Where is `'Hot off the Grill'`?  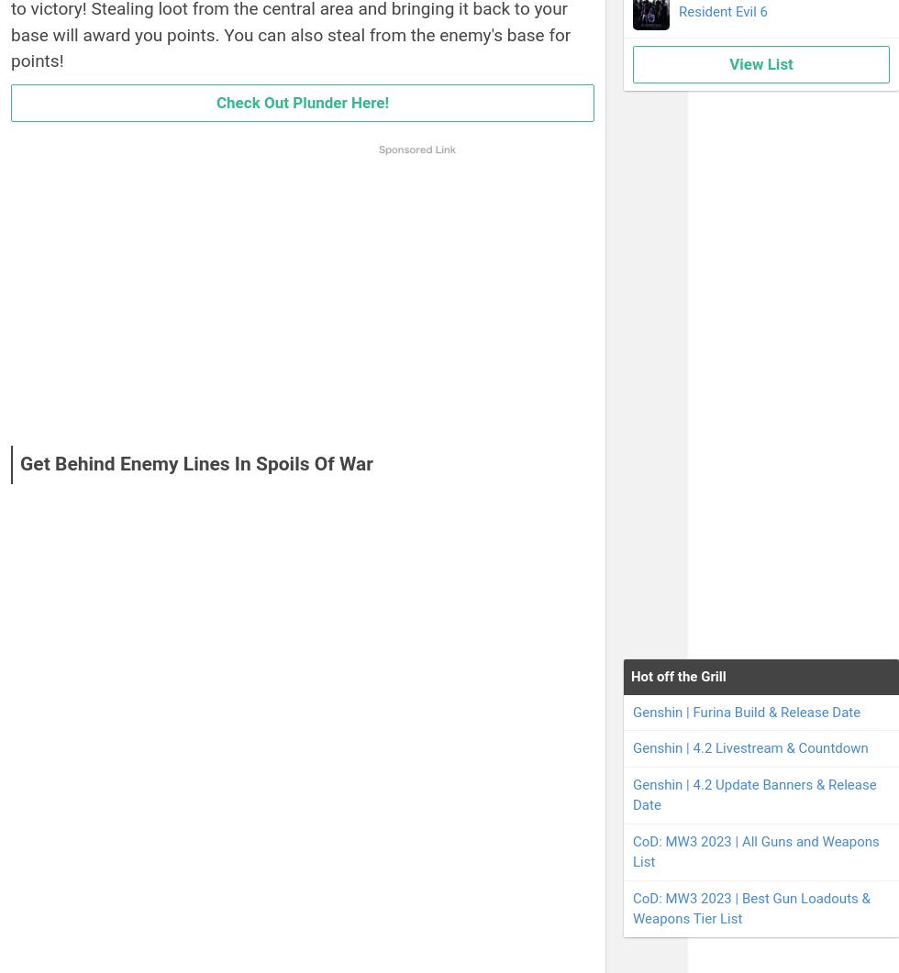 'Hot off the Grill' is located at coordinates (678, 677).